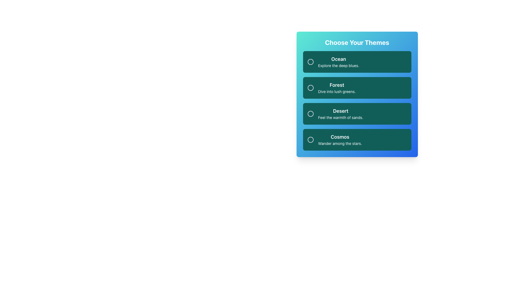 The image size is (520, 292). Describe the element at coordinates (310, 87) in the screenshot. I see `the radio button for the 'Forest' option` at that location.